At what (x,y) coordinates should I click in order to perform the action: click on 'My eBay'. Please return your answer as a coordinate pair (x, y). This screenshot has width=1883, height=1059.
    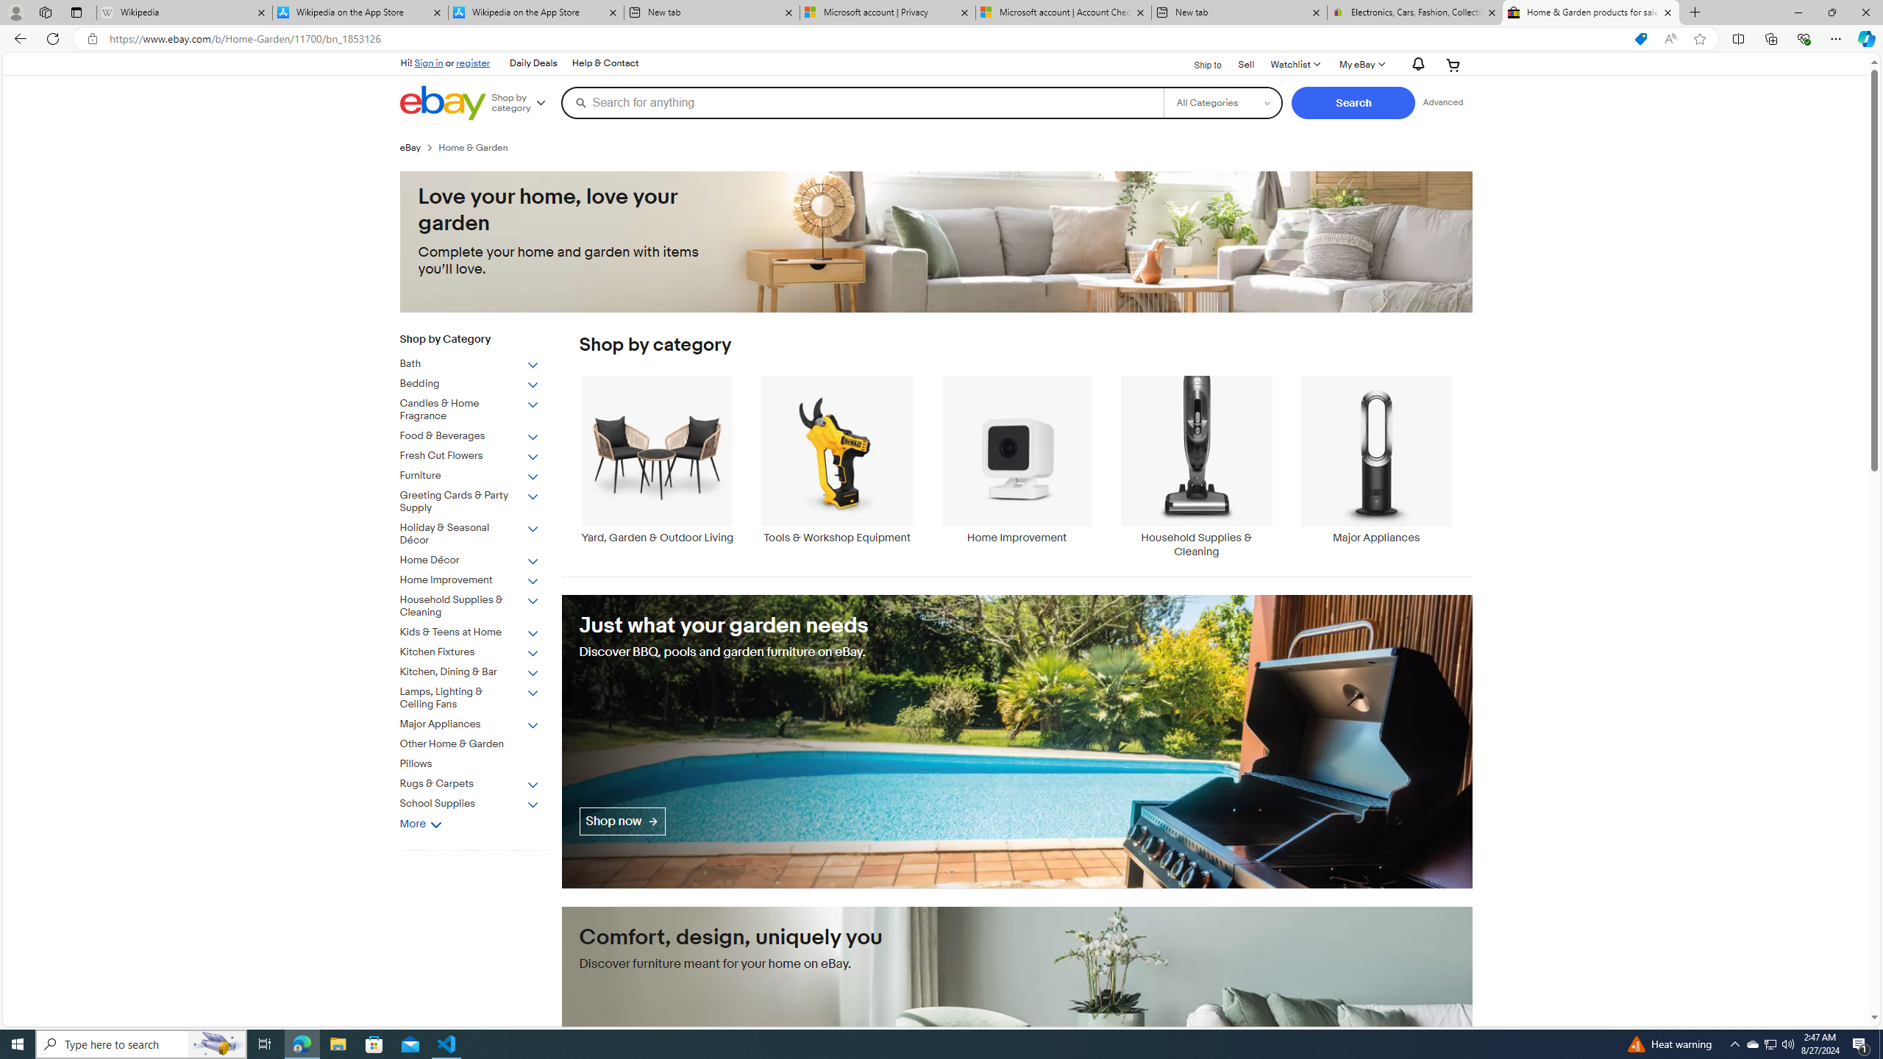
    Looking at the image, I should click on (1361, 64).